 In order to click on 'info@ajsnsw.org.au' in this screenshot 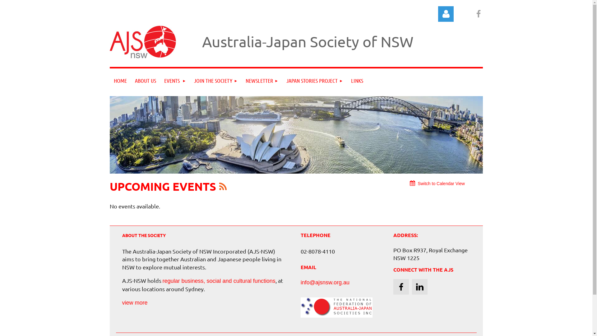, I will do `click(300, 282)`.